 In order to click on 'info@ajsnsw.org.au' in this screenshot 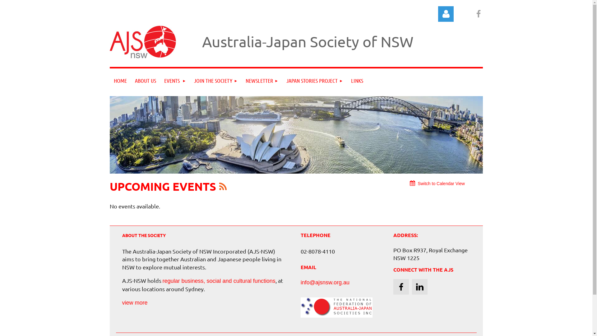, I will do `click(300, 282)`.